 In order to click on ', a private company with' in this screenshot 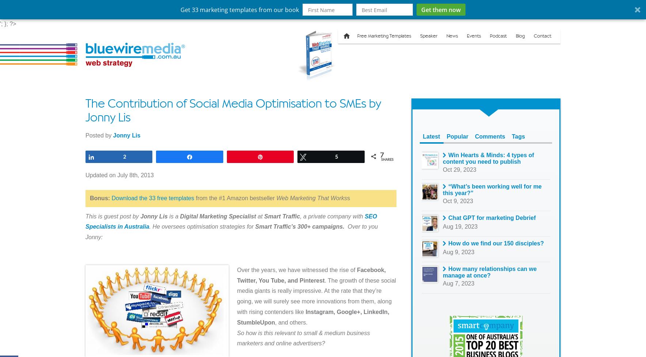, I will do `click(332, 216)`.